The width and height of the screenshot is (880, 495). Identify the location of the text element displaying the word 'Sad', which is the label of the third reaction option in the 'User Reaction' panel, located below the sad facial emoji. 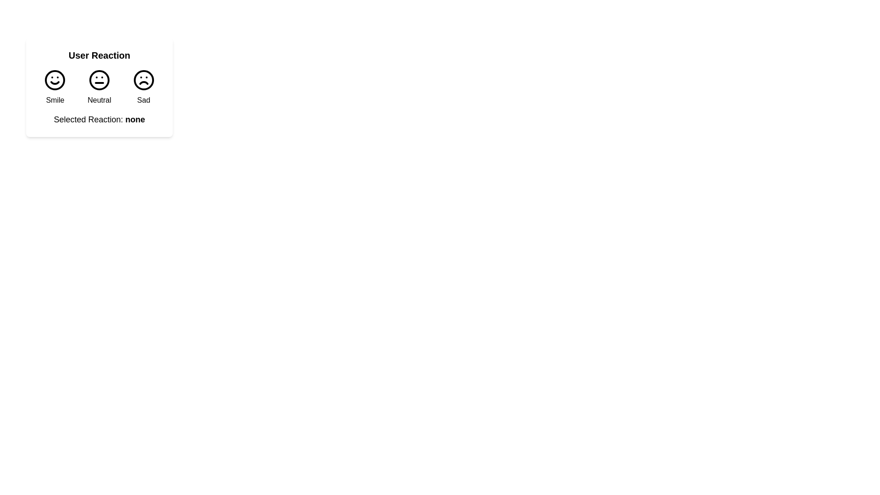
(143, 100).